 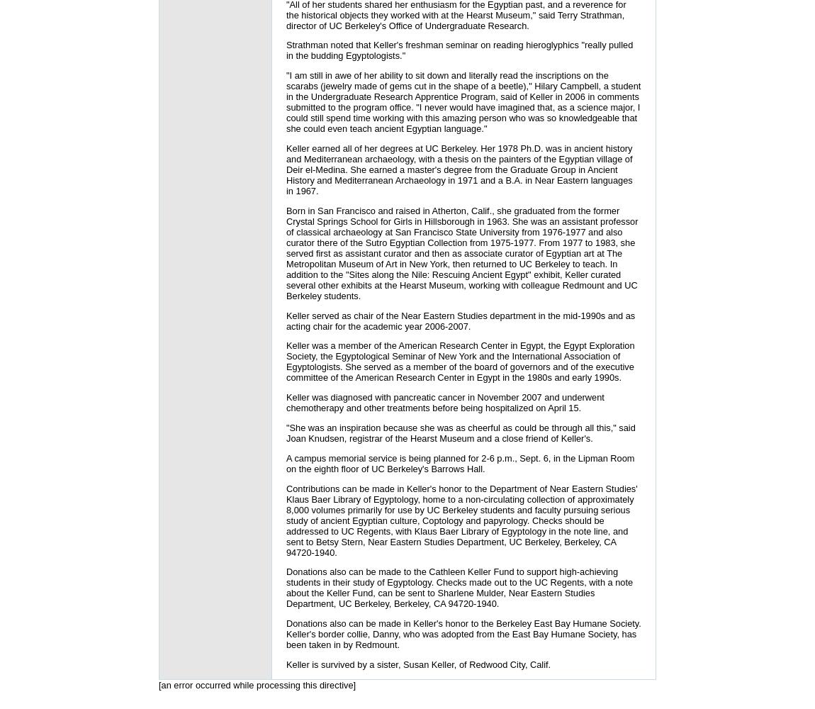 I want to click on '"She was an inspiration because she was as cheerful as could be through all this," said Joan Knudsen, registrar of the Hearst Museum and a close friend of Keller's.', so click(x=459, y=432).